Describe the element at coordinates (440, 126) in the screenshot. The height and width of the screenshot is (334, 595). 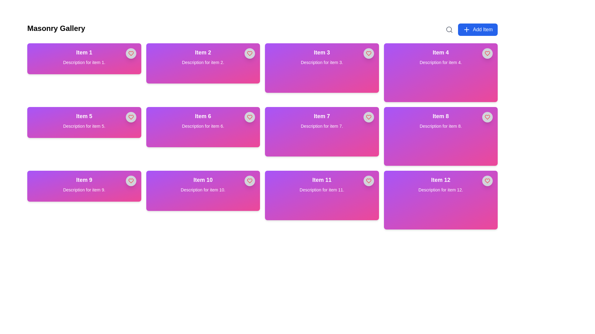
I see `the descriptive Text label associated with 'Item 8', located in the central lower half of the eighth card in the grid layout` at that location.